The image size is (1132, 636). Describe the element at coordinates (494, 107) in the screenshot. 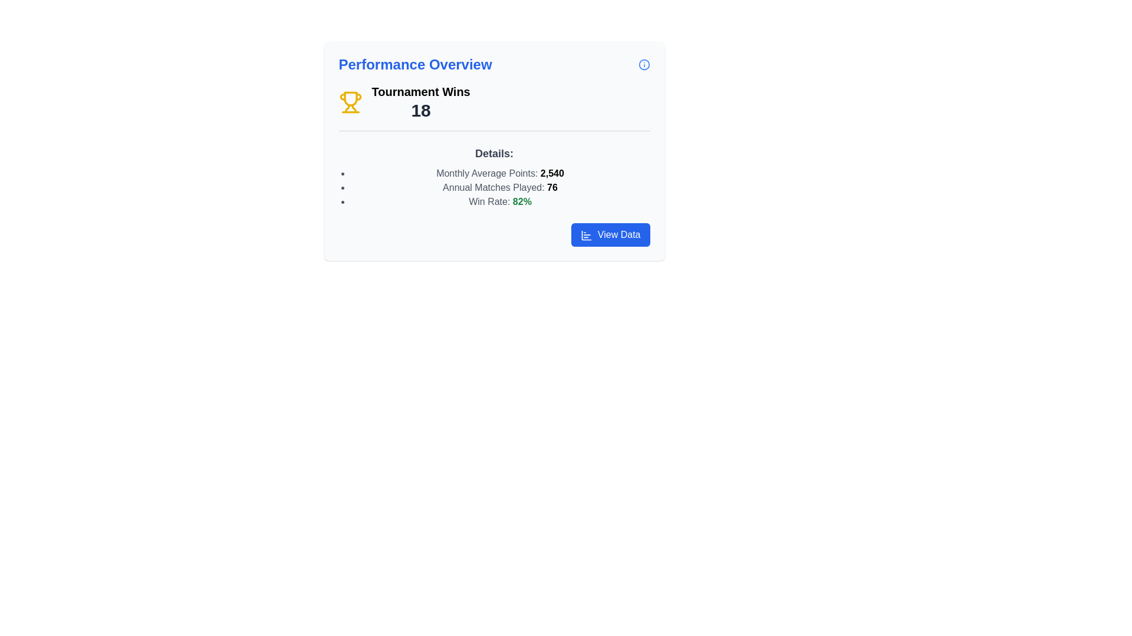

I see `the informational metric display showing 'Tournament Wins' with a value of '18' in the 'Performance Overview' section` at that location.